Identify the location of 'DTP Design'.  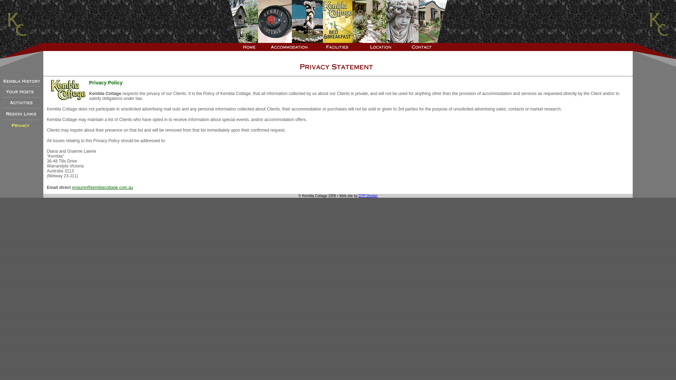
(358, 196).